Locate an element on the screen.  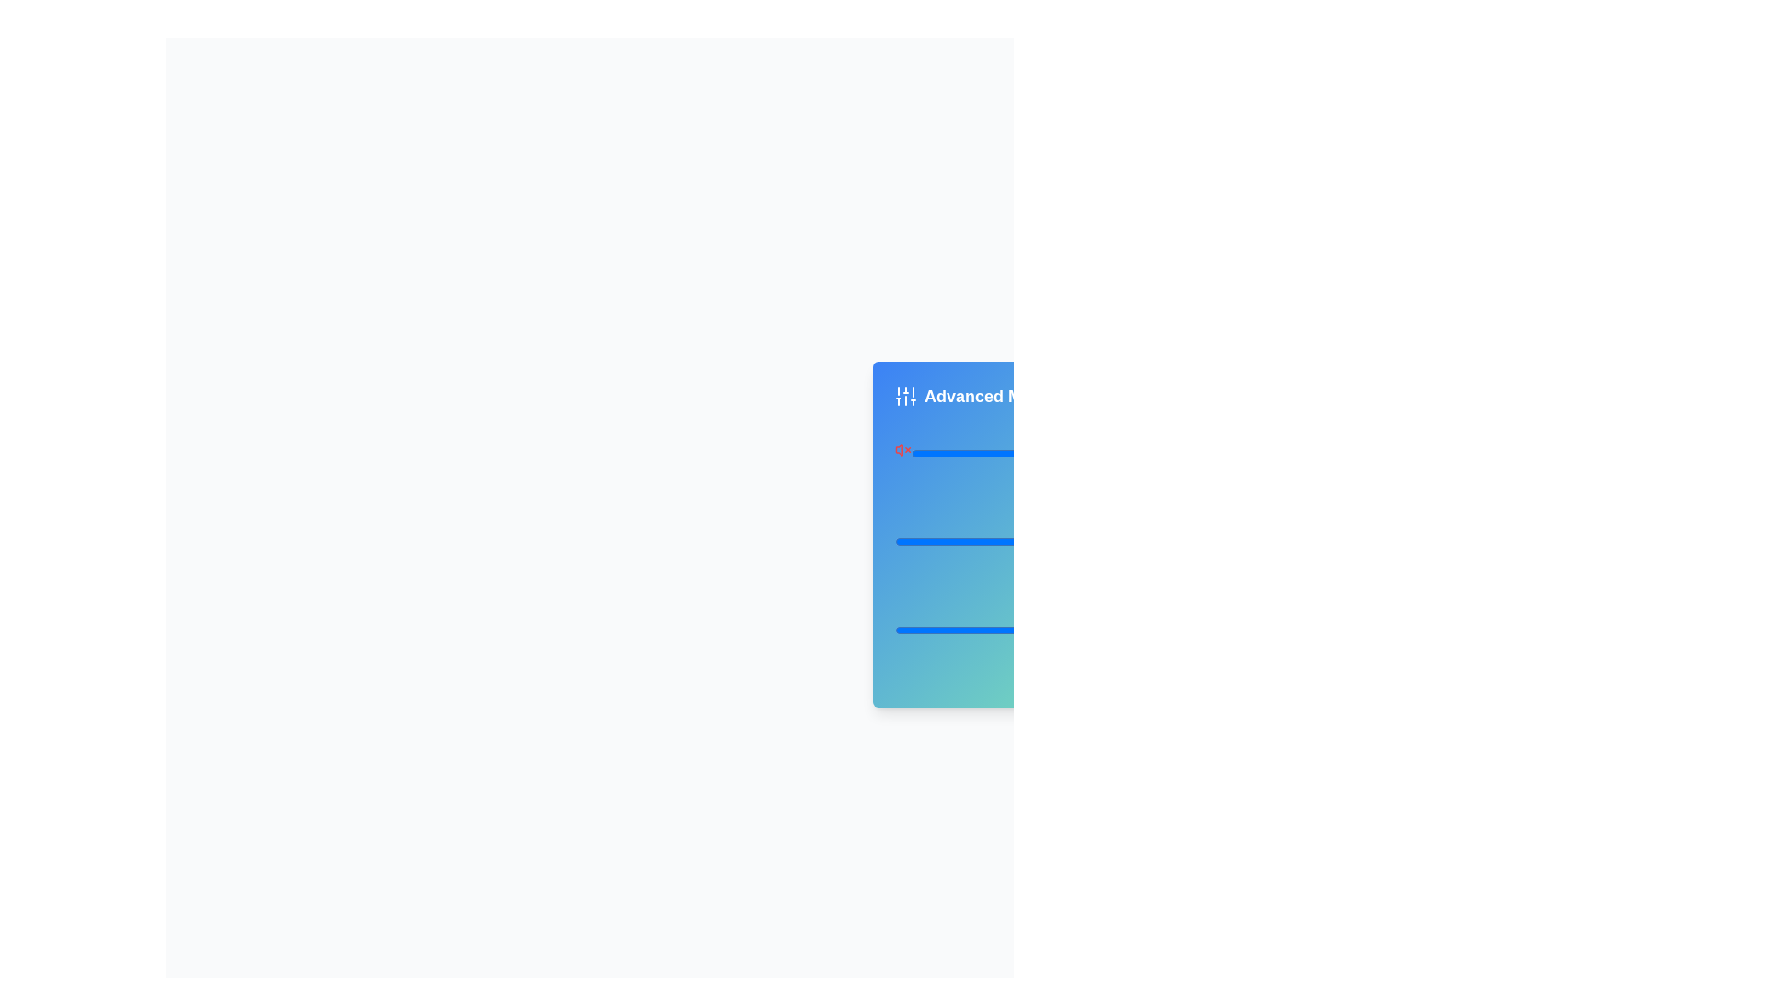
the slider value is located at coordinates (1053, 541).